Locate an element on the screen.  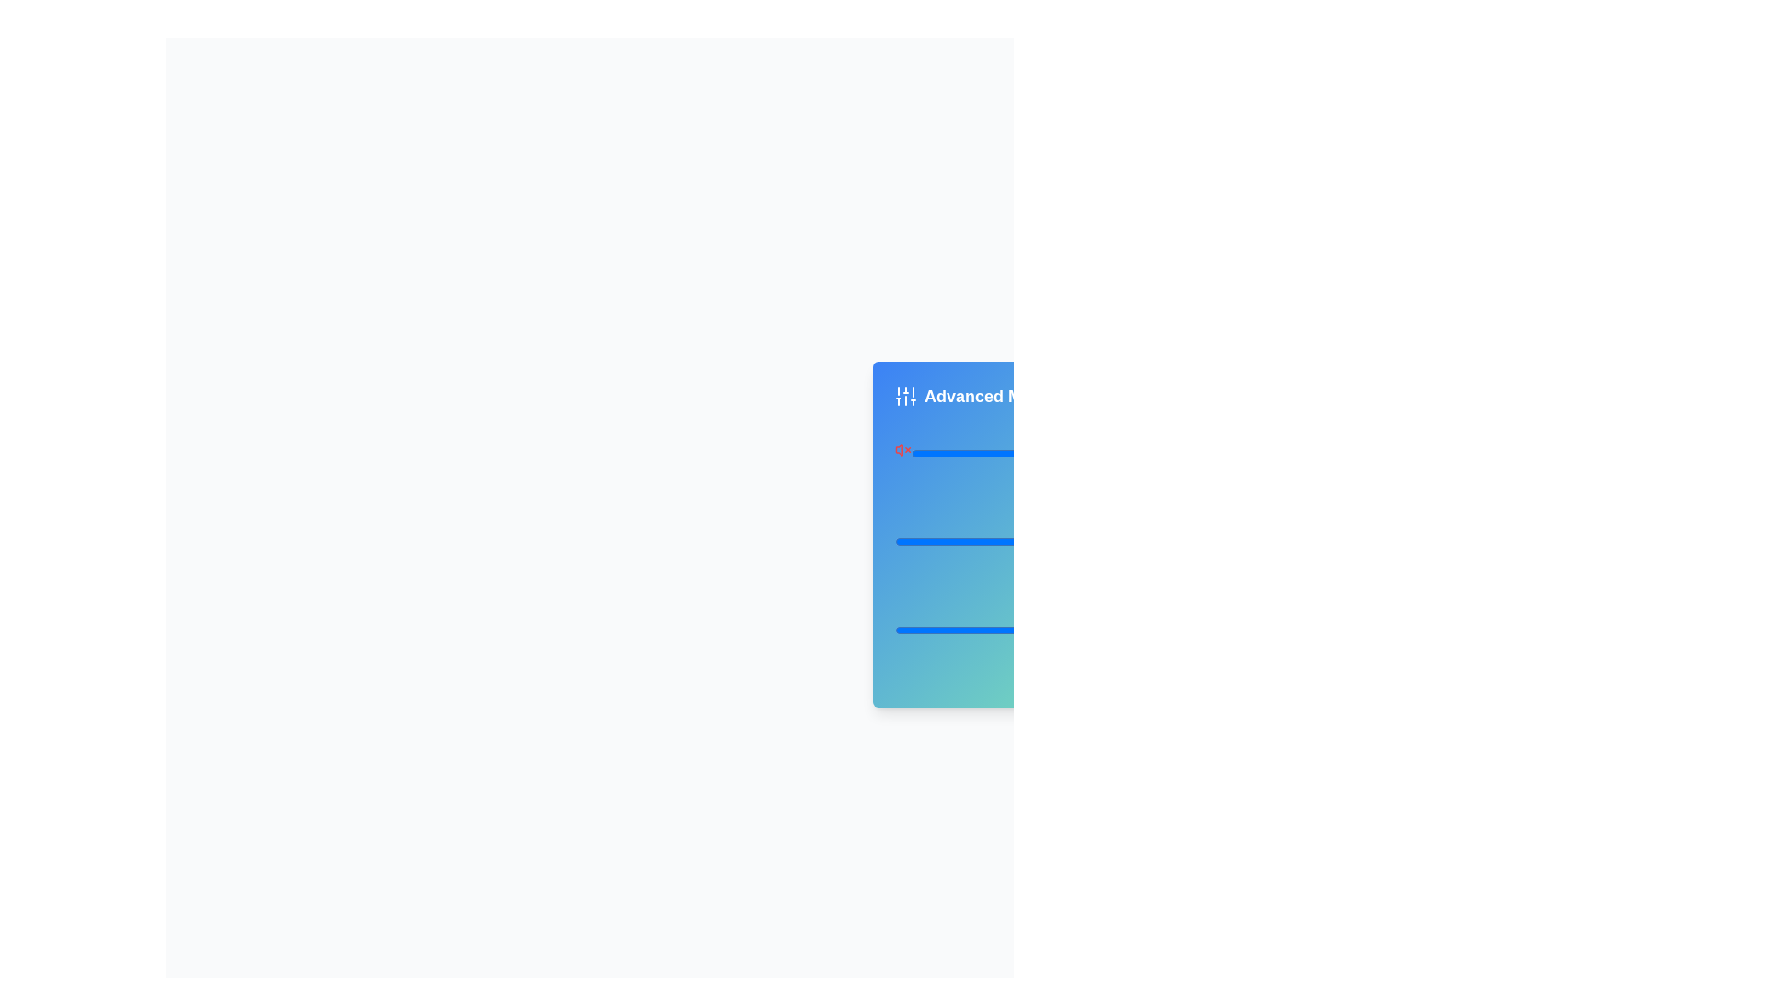
the slider value is located at coordinates (1053, 541).